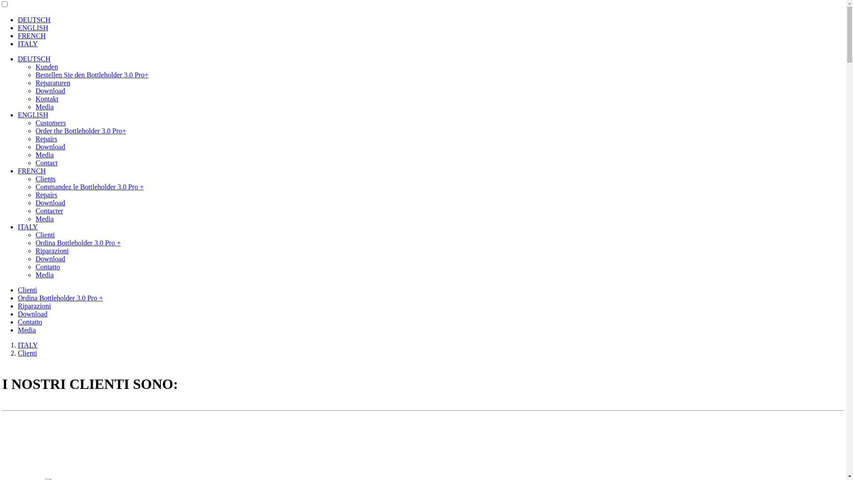  What do you see at coordinates (36, 131) in the screenshot?
I see `'Order the Bottleholder 3.0 Pro+'` at bounding box center [36, 131].